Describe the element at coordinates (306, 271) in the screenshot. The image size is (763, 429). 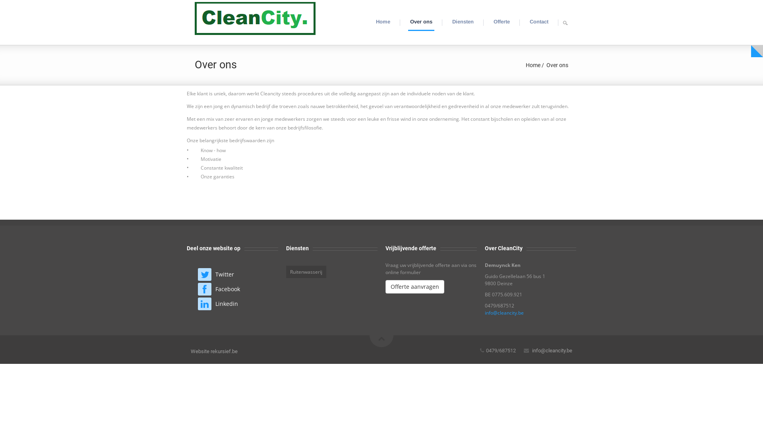
I see `'Ruitenwasserij'` at that location.